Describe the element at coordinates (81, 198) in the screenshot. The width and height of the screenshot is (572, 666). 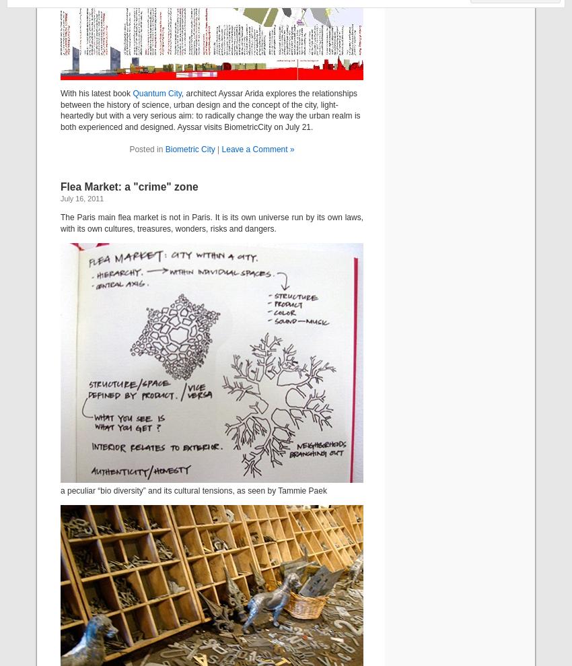
I see `'July 16, 2011'` at that location.